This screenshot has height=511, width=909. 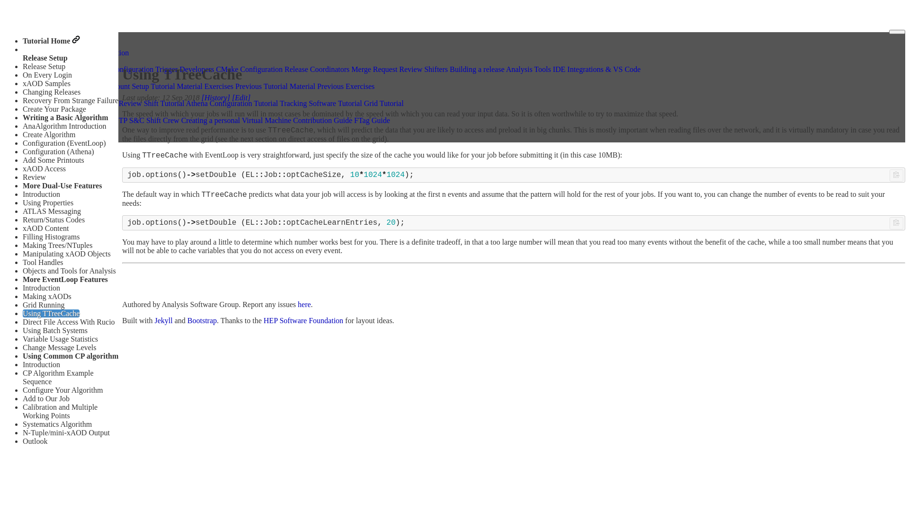 I want to click on 'Systematics Algorithm', so click(x=56, y=423).